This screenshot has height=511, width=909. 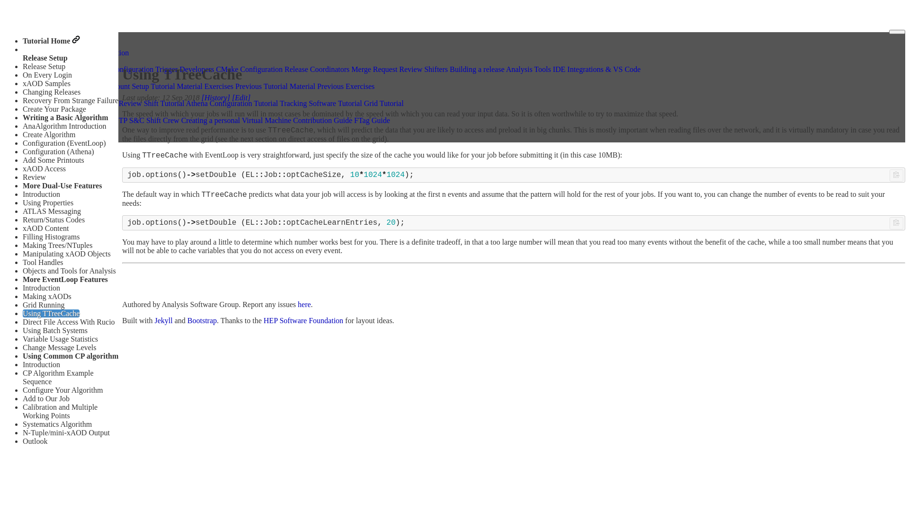 I want to click on 'Systematics Algorithm', so click(x=56, y=423).